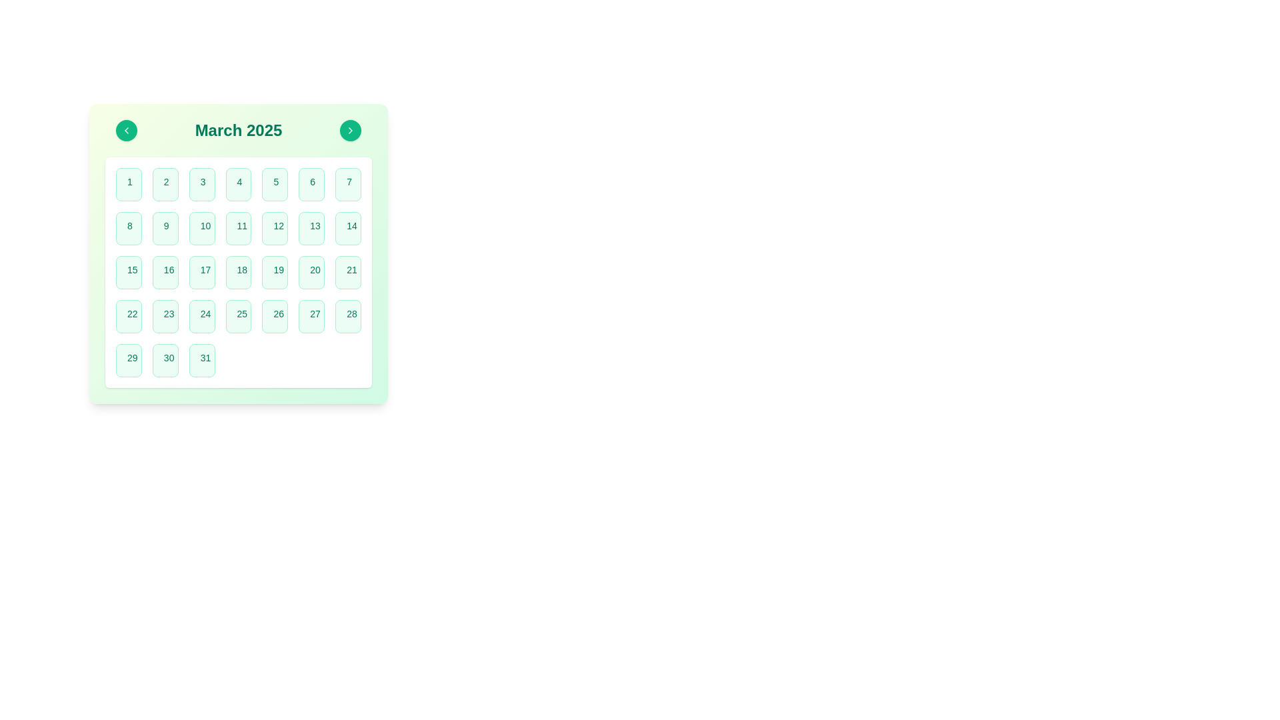  Describe the element at coordinates (165, 228) in the screenshot. I see `the Day tile representing the 9th day in the calendar grid, which is a rounded rectangular tile with a soft green background and the number '9' in dark green font` at that location.